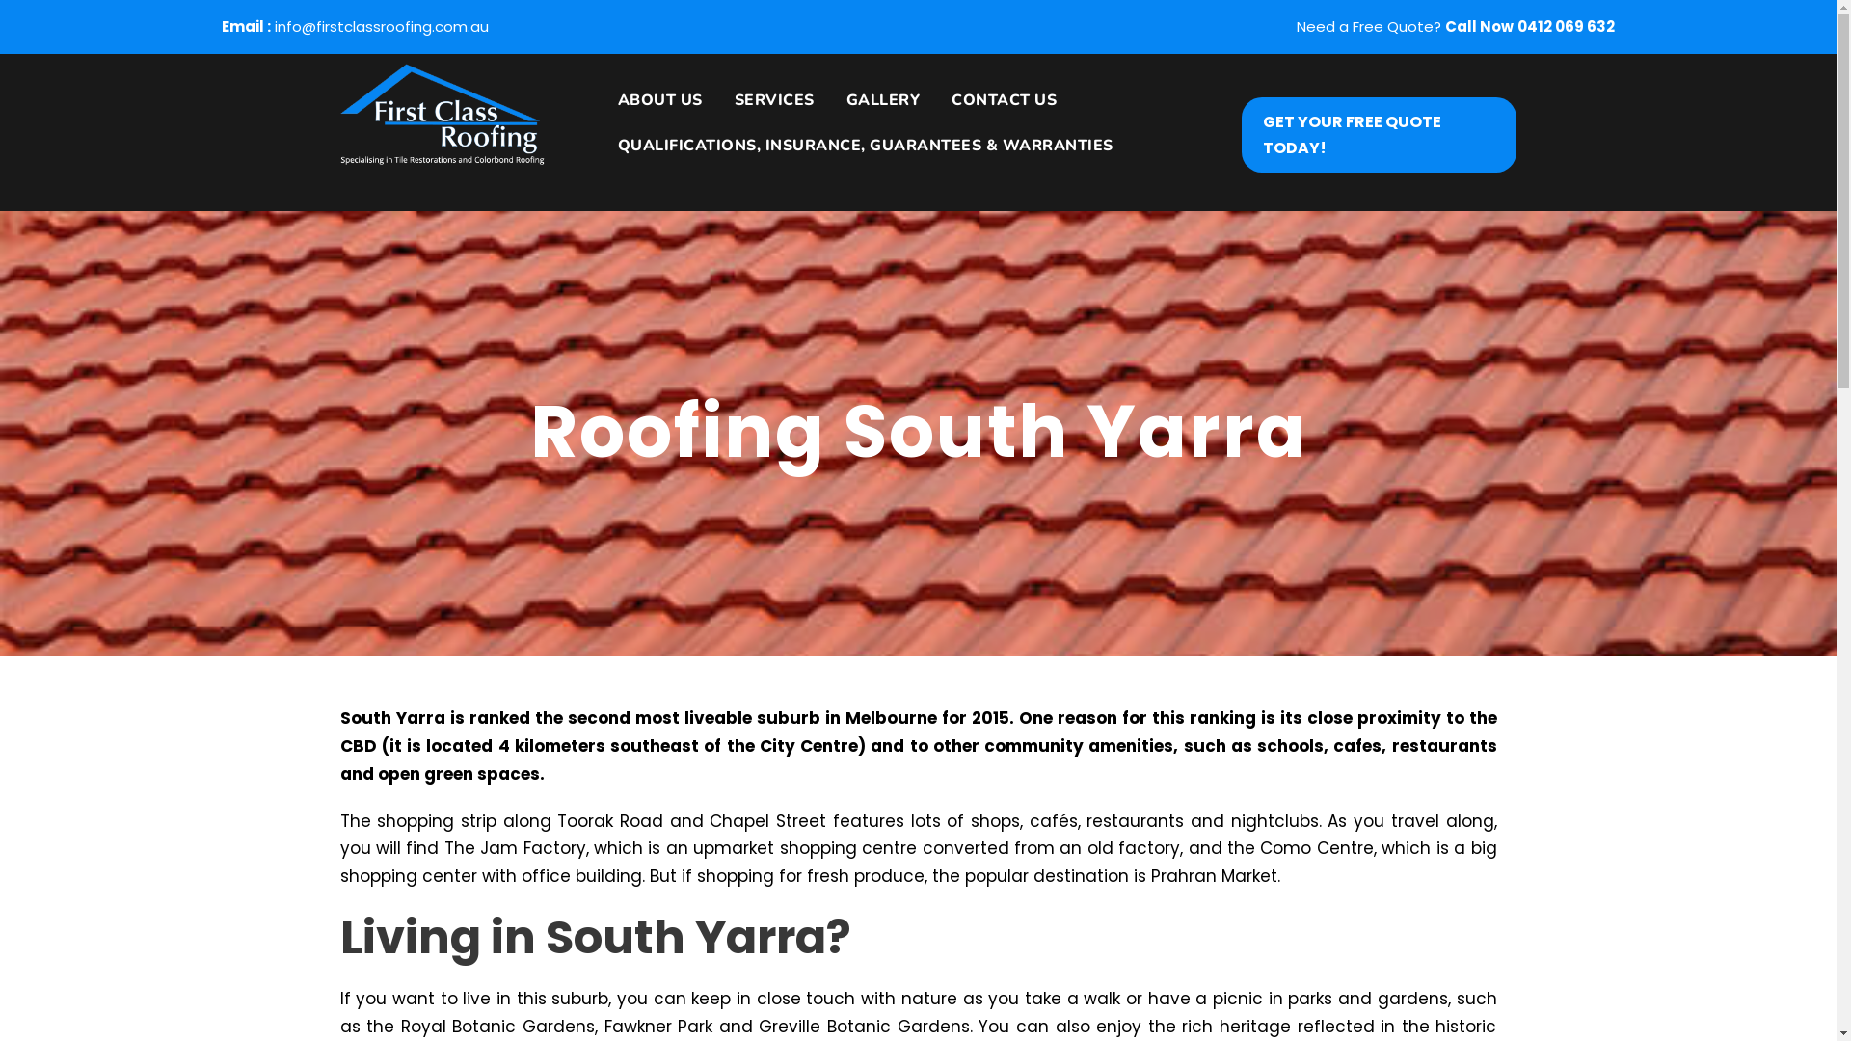  I want to click on 'QUALIFICATIONS, INSURANCE, GUARANTEES & WARRANTIES', so click(857, 154).